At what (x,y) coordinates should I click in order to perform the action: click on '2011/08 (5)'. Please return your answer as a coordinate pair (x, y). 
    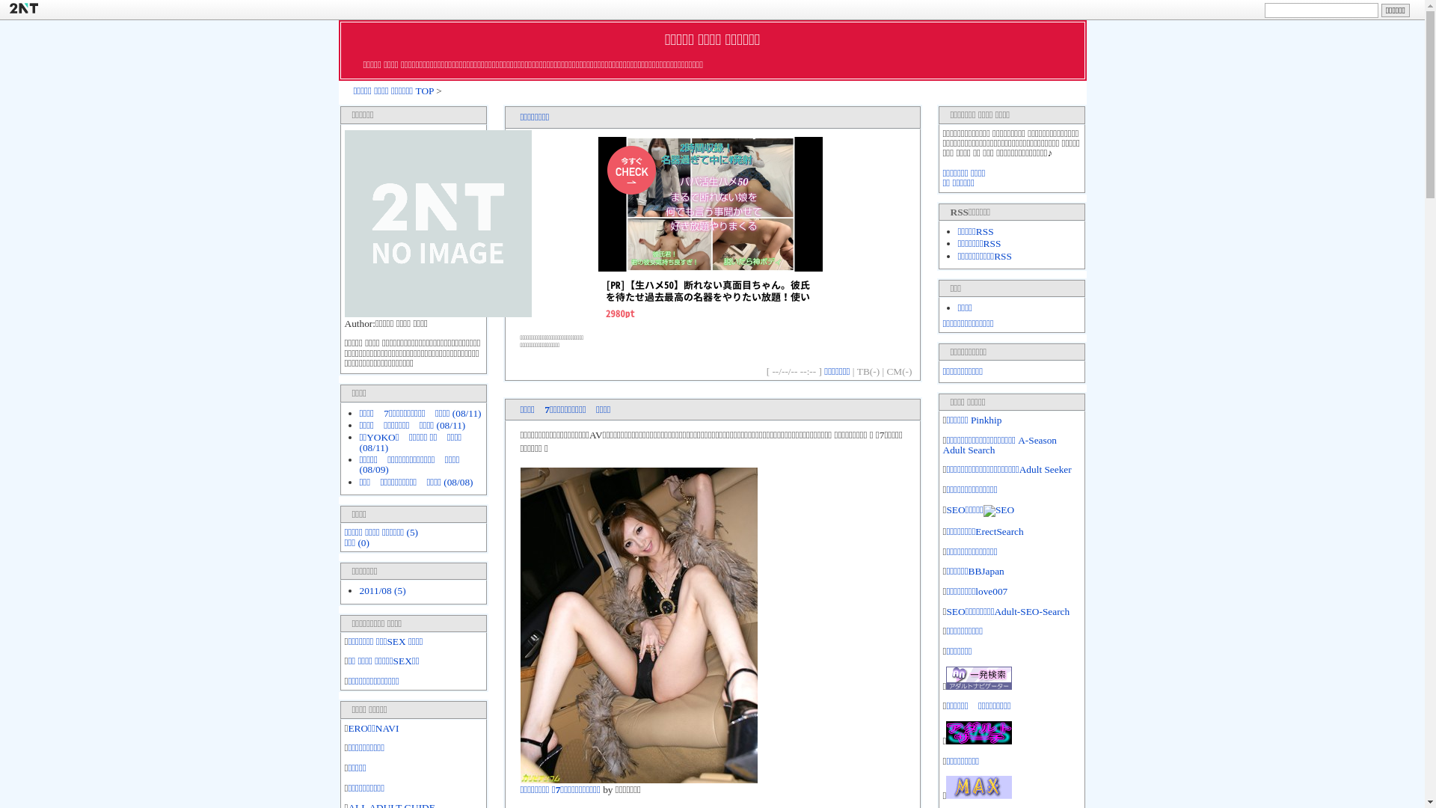
    Looking at the image, I should click on (359, 590).